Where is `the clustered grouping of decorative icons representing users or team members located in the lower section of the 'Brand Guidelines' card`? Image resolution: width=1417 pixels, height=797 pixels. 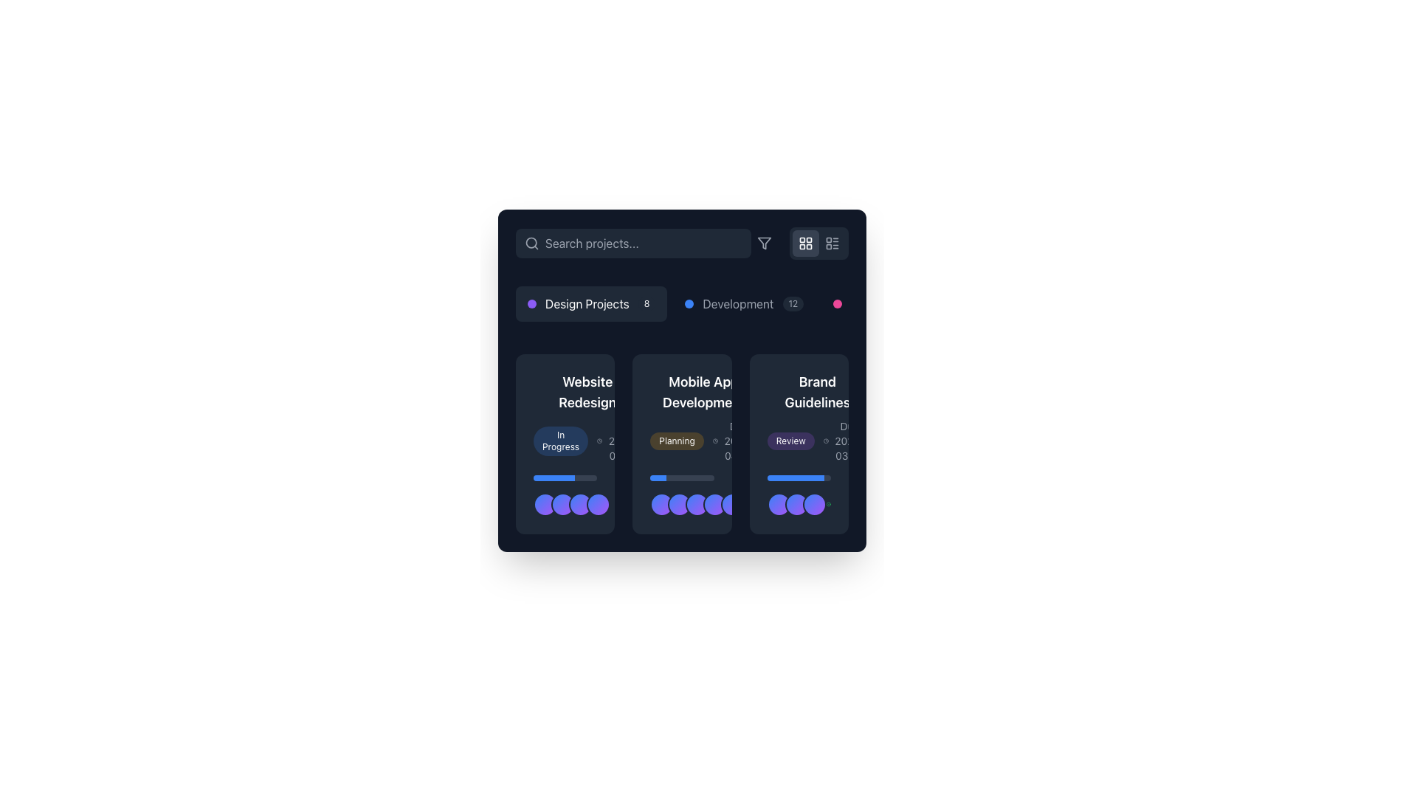
the clustered grouping of decorative icons representing users or team members located in the lower section of the 'Brand Guidelines' card is located at coordinates (796, 503).